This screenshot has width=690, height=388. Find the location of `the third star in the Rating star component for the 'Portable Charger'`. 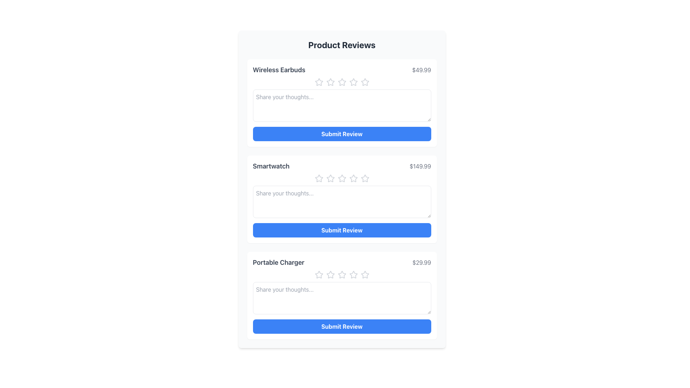

the third star in the Rating star component for the 'Portable Charger' is located at coordinates (341, 274).